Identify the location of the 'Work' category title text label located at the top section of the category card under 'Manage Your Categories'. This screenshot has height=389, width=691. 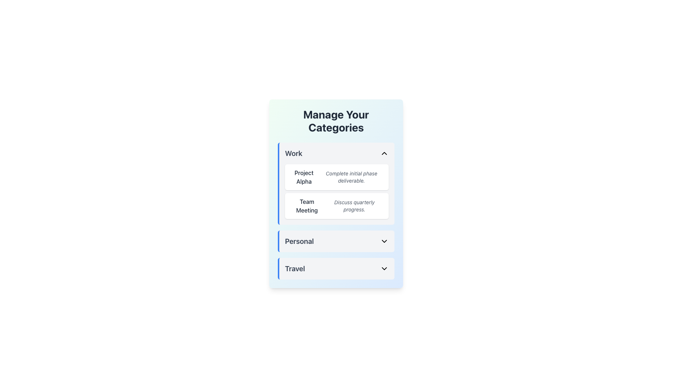
(294, 153).